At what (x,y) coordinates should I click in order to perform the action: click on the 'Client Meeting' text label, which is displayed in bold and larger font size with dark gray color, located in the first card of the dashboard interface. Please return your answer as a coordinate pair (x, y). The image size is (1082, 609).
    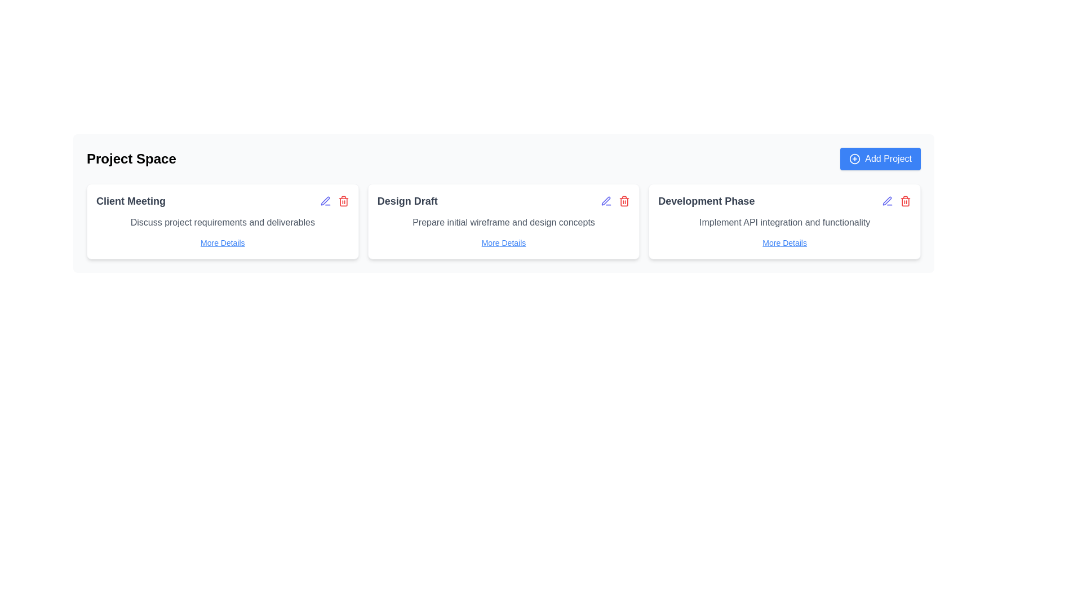
    Looking at the image, I should click on (131, 201).